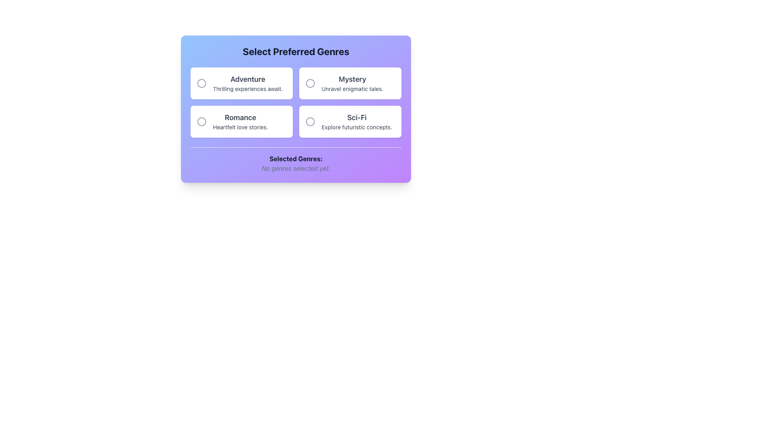 The width and height of the screenshot is (767, 431). I want to click on the radio button of the 'Mystery' option card, which is the second item in the grid layout under the section 'Select Preferred Genres', so click(350, 83).